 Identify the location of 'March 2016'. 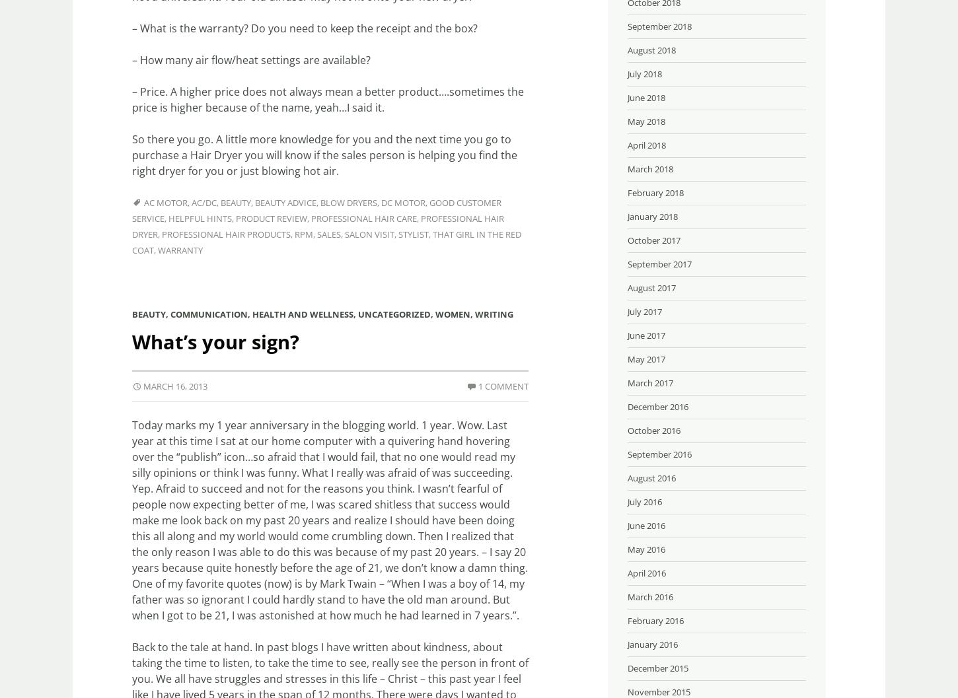
(650, 595).